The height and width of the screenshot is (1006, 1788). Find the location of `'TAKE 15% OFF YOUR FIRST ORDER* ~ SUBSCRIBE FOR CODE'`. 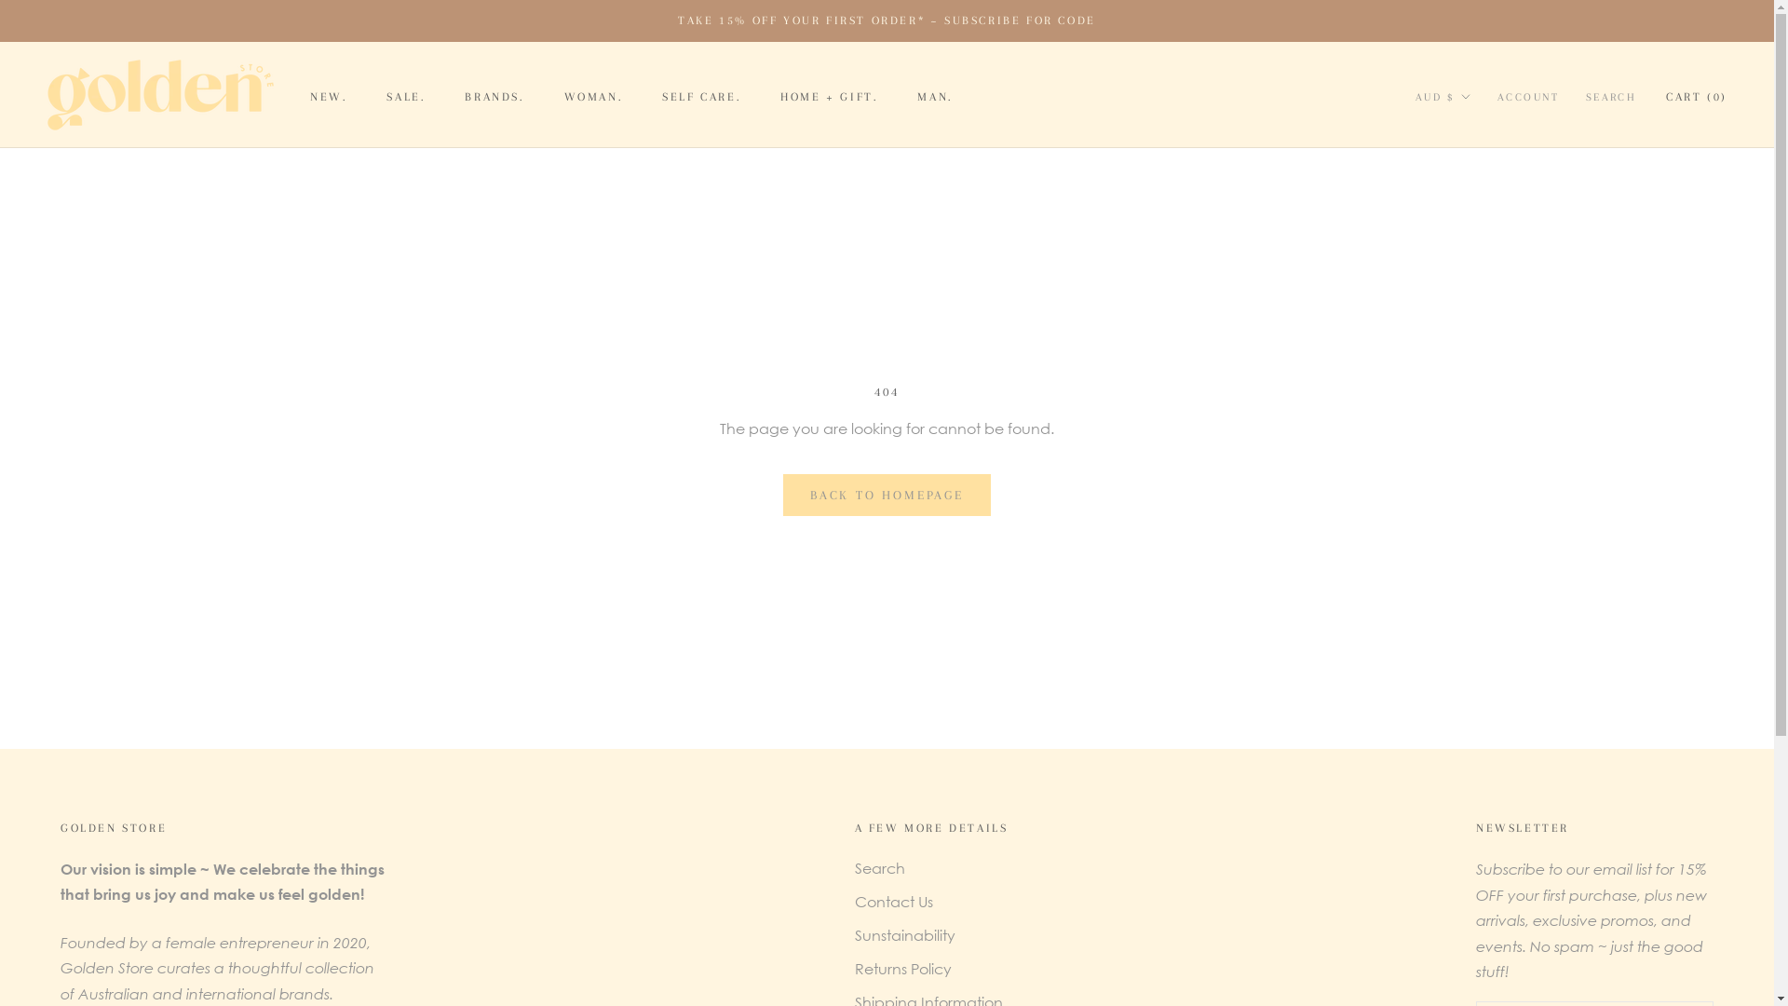

'TAKE 15% OFF YOUR FIRST ORDER* ~ SUBSCRIBE FOR CODE' is located at coordinates (886, 20).